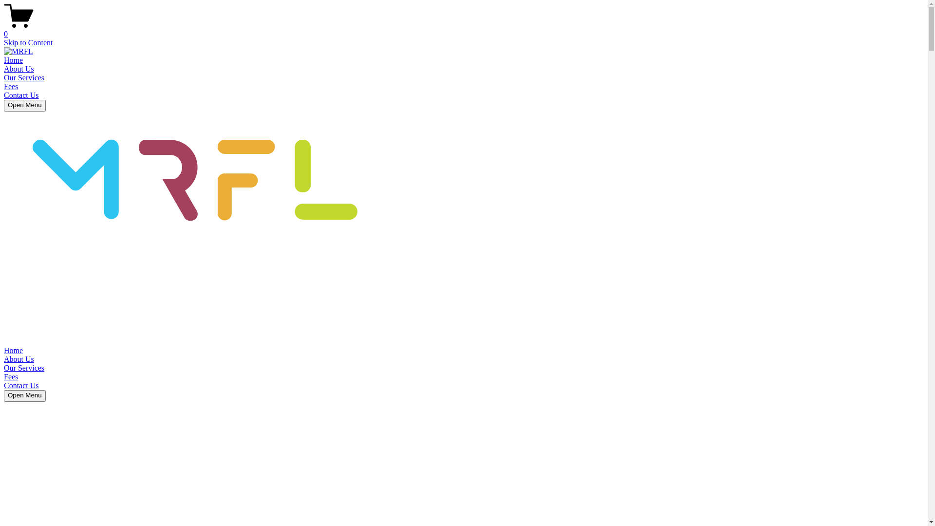 The width and height of the screenshot is (935, 526). Describe the element at coordinates (24, 77) in the screenshot. I see `'Our Services'` at that location.